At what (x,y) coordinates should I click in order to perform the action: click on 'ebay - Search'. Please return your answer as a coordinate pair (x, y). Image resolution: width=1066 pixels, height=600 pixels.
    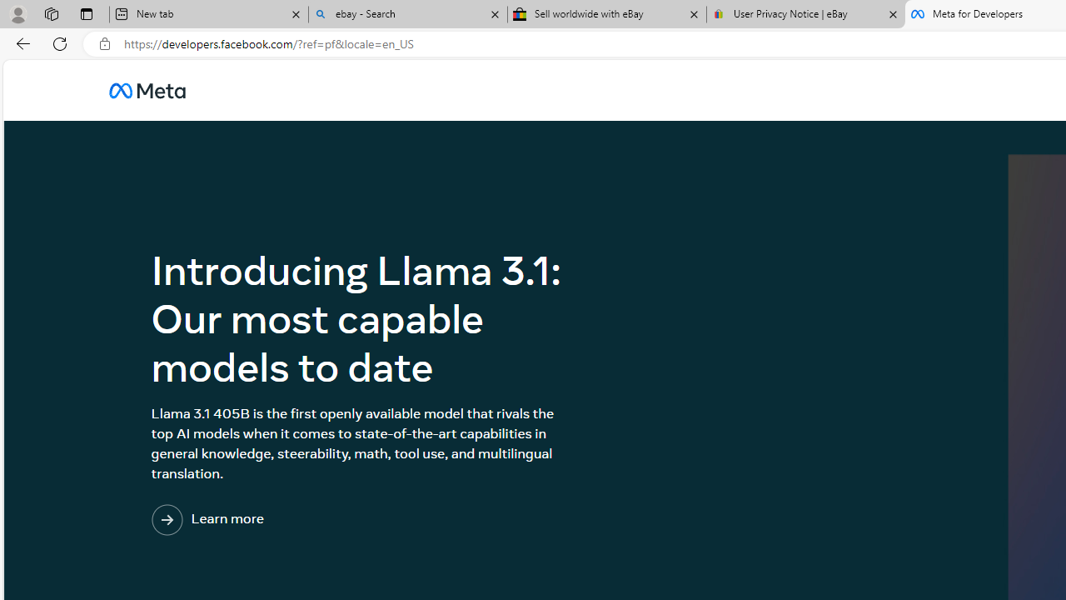
    Looking at the image, I should click on (408, 14).